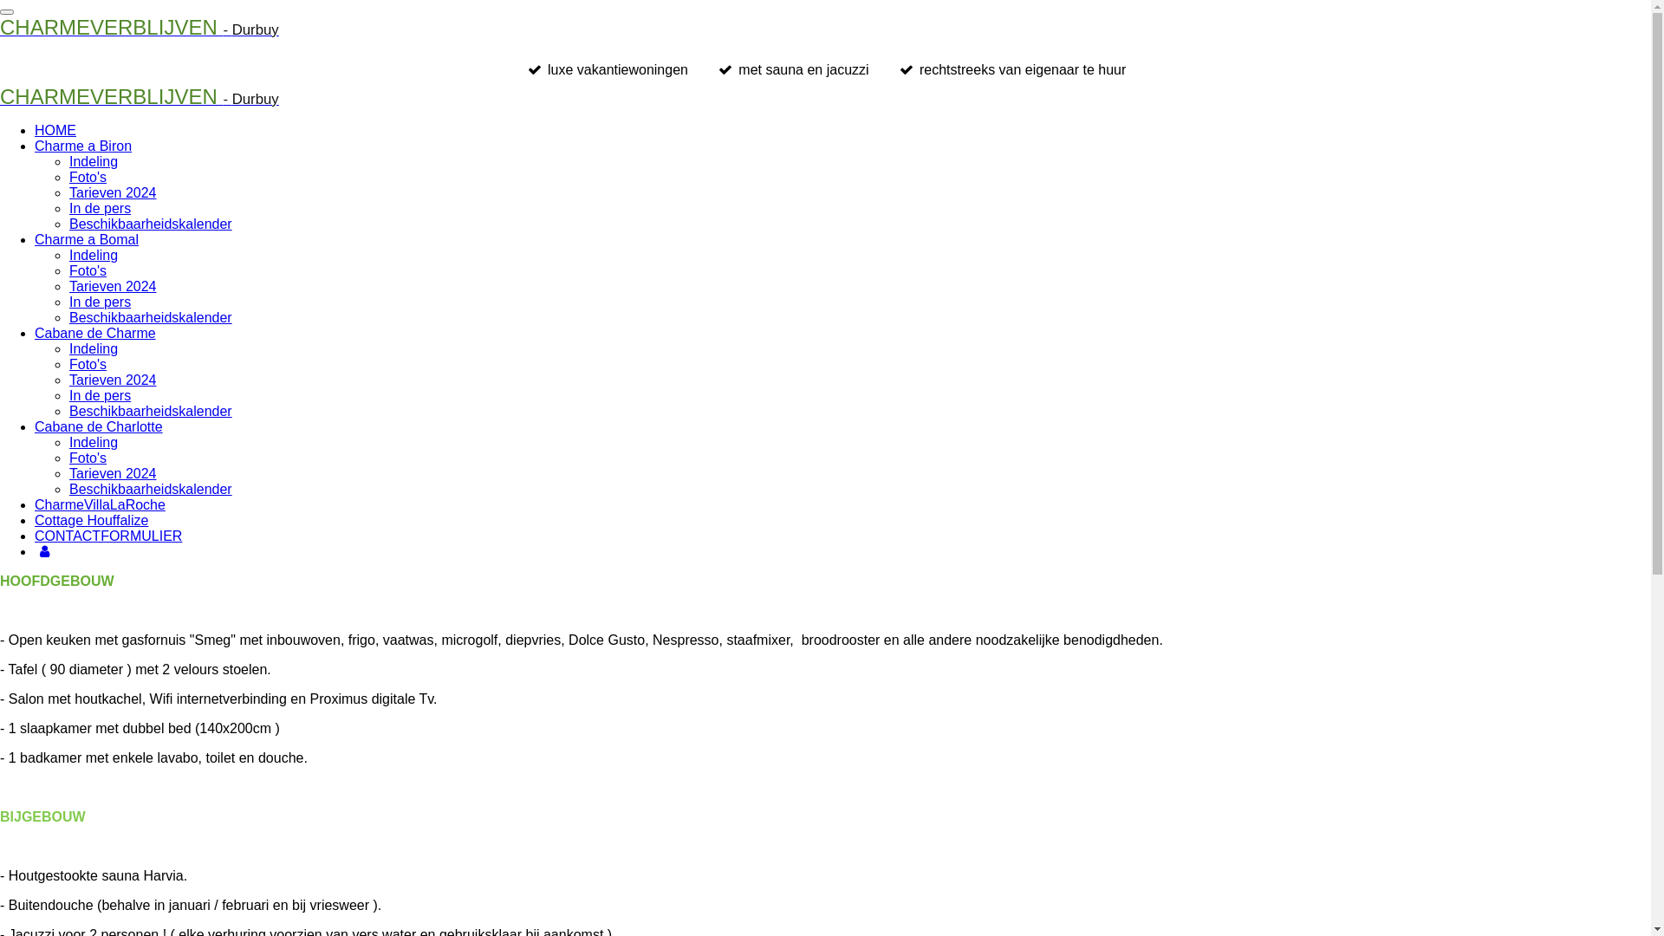 The height and width of the screenshot is (936, 1664). What do you see at coordinates (90, 519) in the screenshot?
I see `'Cottage Houffalize'` at bounding box center [90, 519].